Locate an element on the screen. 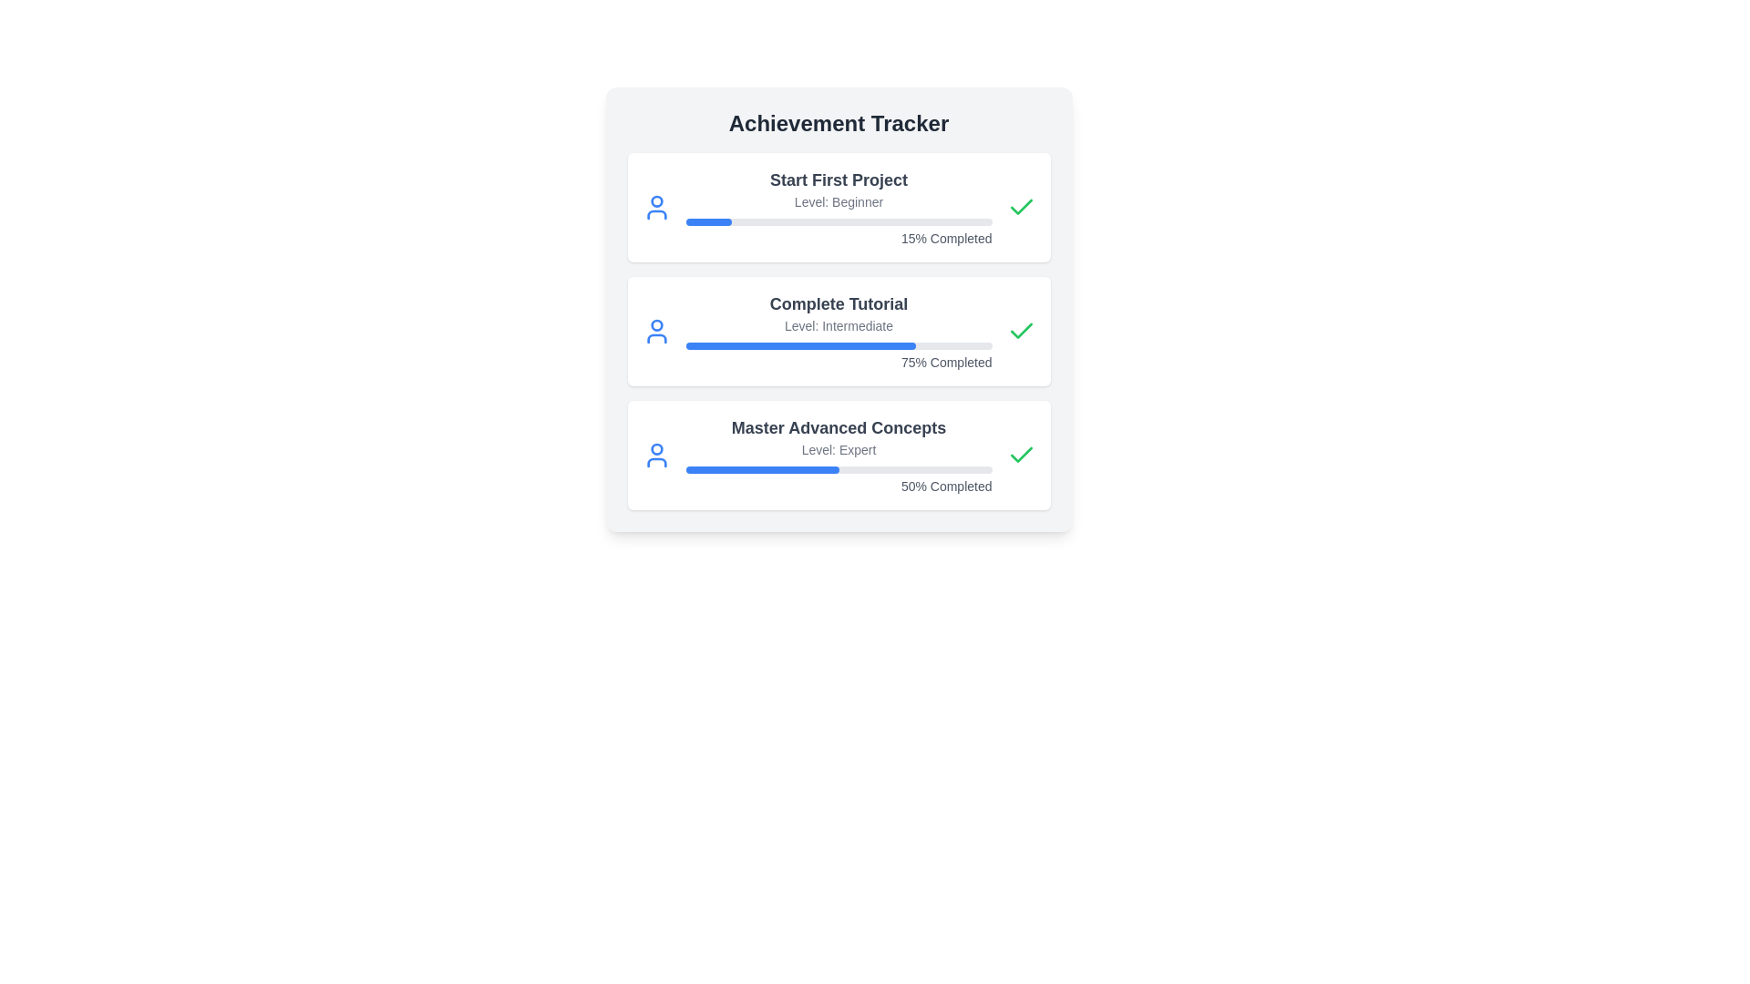 The width and height of the screenshot is (1750, 984). the blue progress bar segment representing 75% completion in the 'Complete Tutorial' section of the Achievement Tracker interface is located at coordinates (800, 346).